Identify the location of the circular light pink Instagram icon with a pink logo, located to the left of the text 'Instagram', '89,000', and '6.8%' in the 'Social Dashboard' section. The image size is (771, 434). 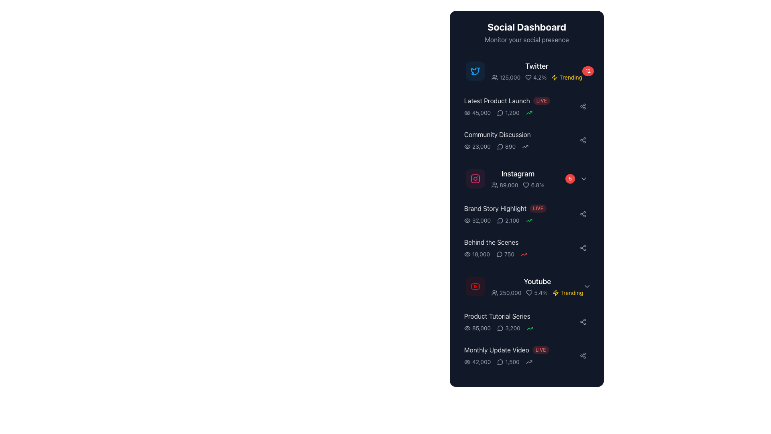
(475, 178).